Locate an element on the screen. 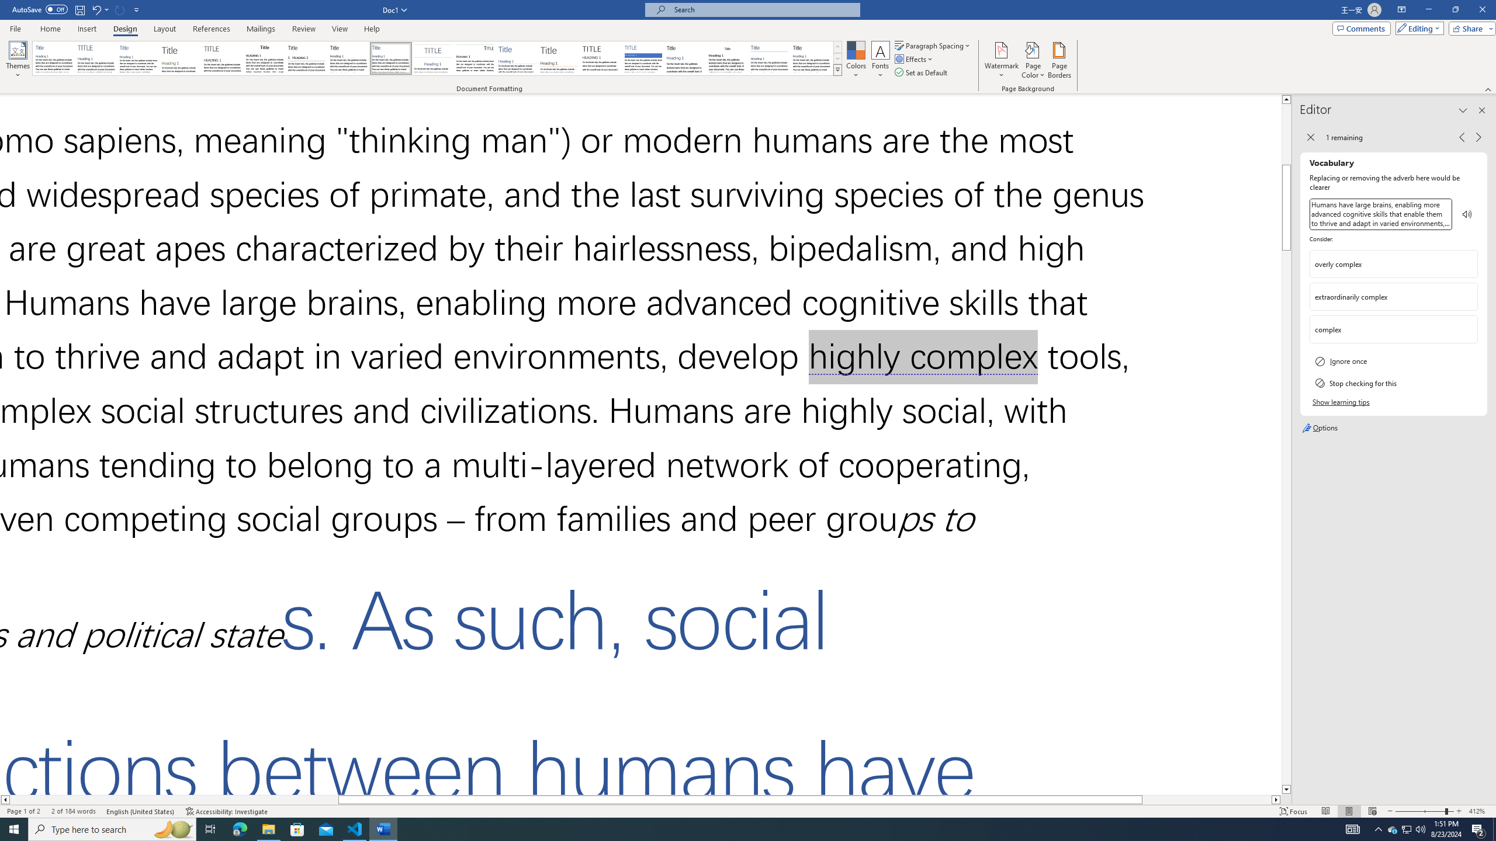 The height and width of the screenshot is (841, 1496). 'Lines (Stylish)' is located at coordinates (559, 58).